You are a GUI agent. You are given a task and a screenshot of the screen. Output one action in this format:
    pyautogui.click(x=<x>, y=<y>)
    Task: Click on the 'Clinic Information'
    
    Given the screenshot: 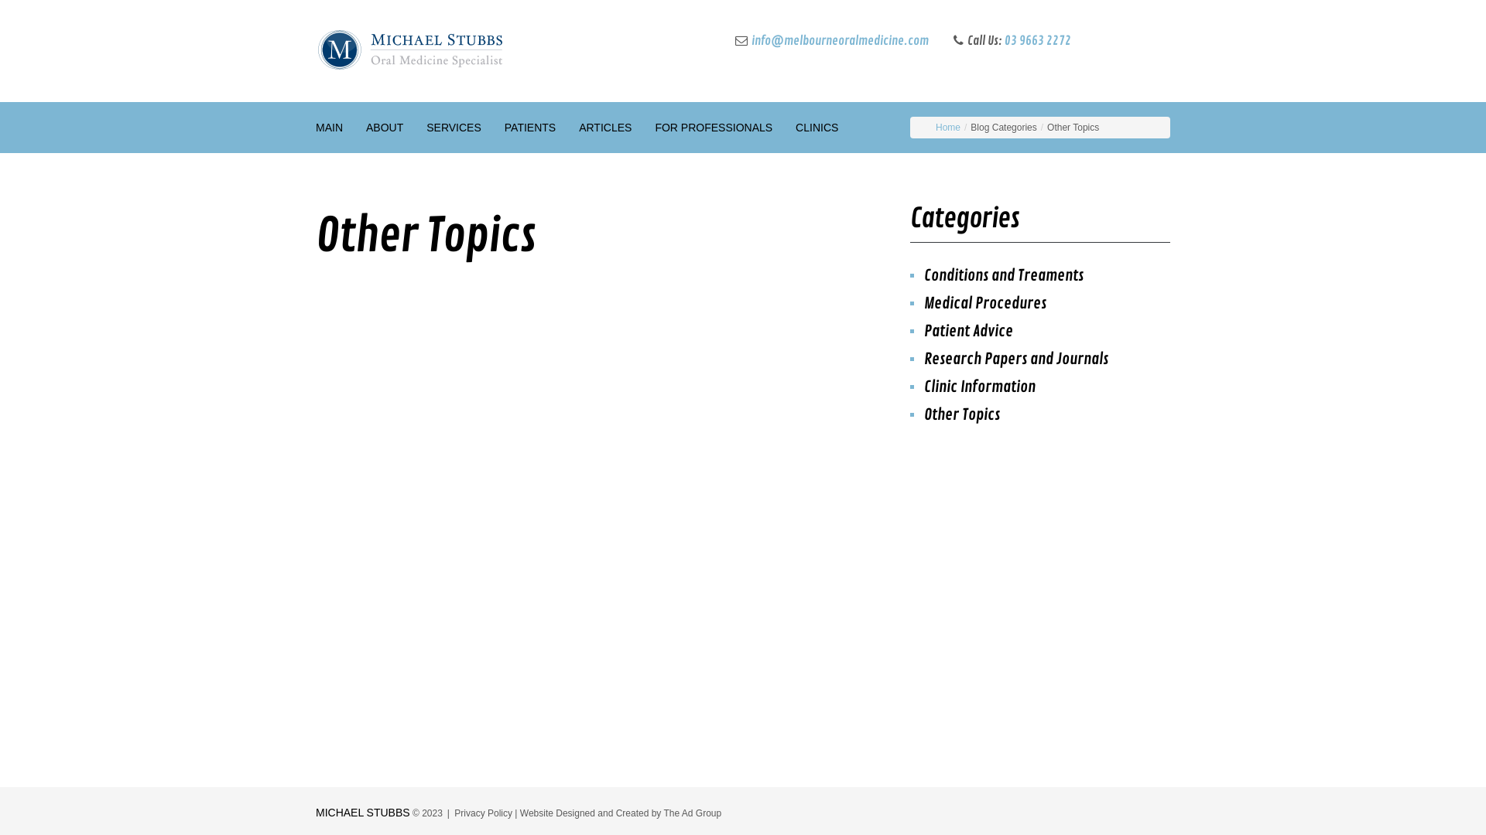 What is the action you would take?
    pyautogui.click(x=924, y=386)
    